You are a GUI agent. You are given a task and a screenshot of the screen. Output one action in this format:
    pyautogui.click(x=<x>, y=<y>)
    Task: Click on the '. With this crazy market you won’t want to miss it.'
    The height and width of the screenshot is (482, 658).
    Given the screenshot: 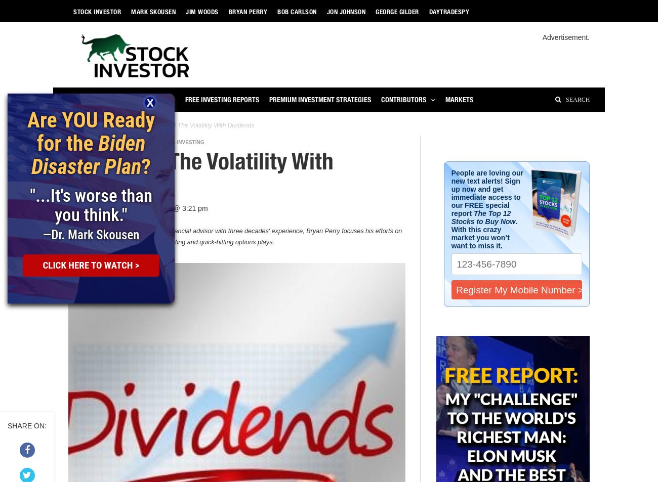 What is the action you would take?
    pyautogui.click(x=484, y=233)
    